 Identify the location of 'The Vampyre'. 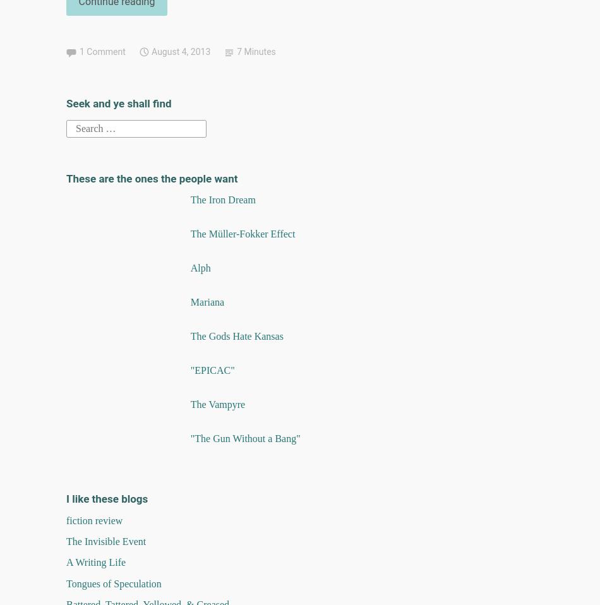
(217, 404).